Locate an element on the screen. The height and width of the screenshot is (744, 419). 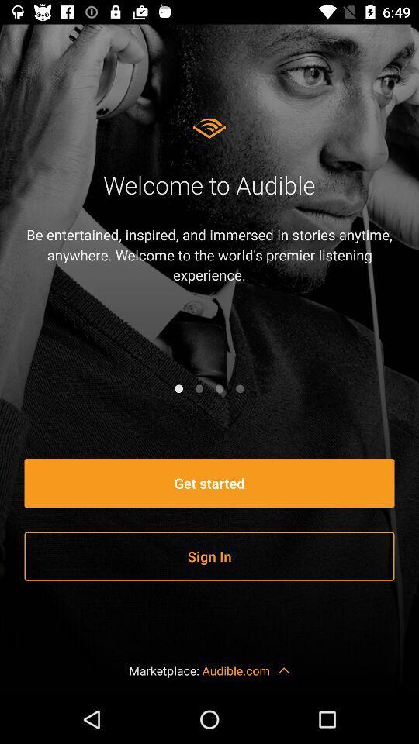
item below the be entertained inspired item is located at coordinates (178, 387).